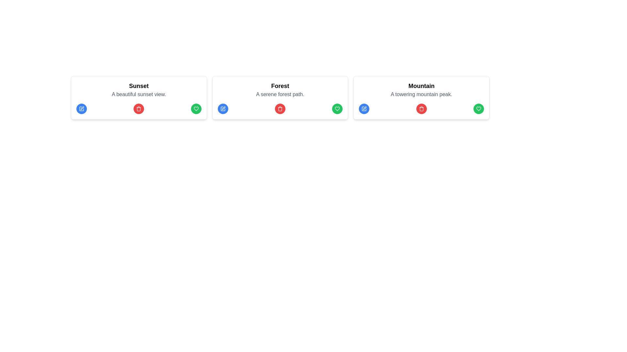 The image size is (627, 352). What do you see at coordinates (223, 109) in the screenshot?
I see `the blue square edit button with a pen symbol located at the top-left corner of the 'Forest' card` at bounding box center [223, 109].